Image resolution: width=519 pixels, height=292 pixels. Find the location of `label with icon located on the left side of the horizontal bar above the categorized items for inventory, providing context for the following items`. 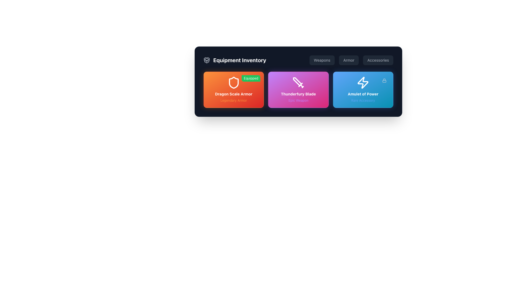

label with icon located on the left side of the horizontal bar above the categorized items for inventory, providing context for the following items is located at coordinates (235, 60).